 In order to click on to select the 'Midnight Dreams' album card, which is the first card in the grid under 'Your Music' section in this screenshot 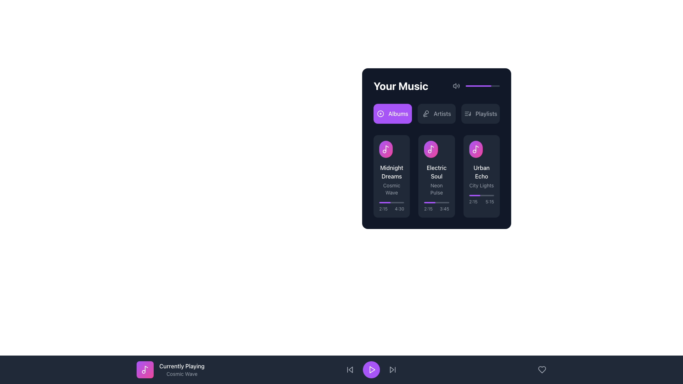, I will do `click(391, 176)`.